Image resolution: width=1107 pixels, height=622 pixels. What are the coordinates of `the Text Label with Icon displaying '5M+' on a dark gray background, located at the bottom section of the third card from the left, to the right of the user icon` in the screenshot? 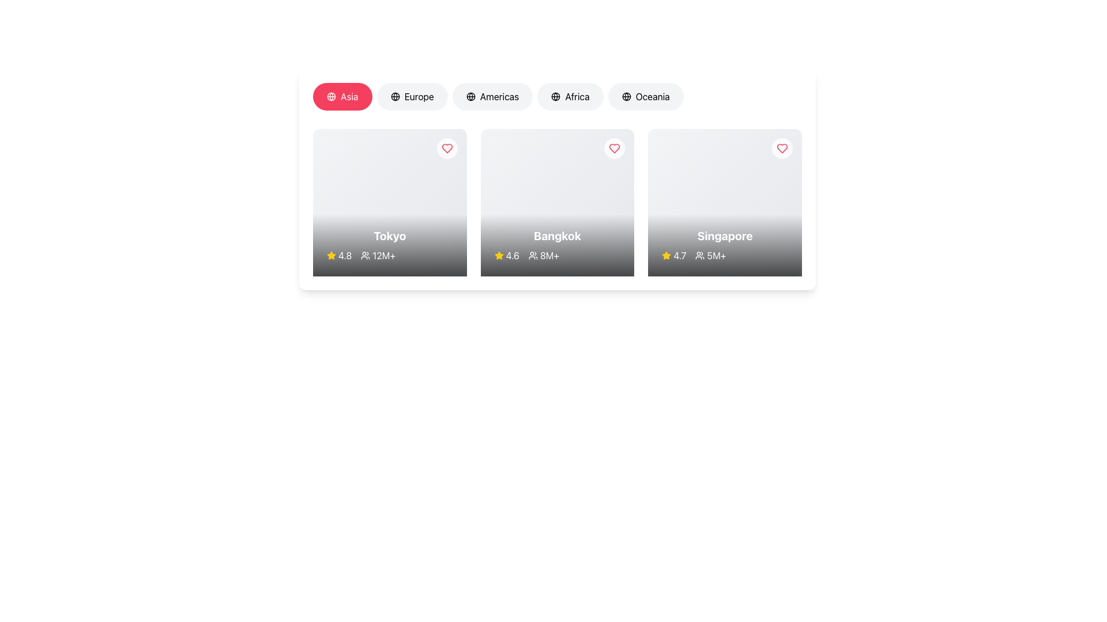 It's located at (710, 255).